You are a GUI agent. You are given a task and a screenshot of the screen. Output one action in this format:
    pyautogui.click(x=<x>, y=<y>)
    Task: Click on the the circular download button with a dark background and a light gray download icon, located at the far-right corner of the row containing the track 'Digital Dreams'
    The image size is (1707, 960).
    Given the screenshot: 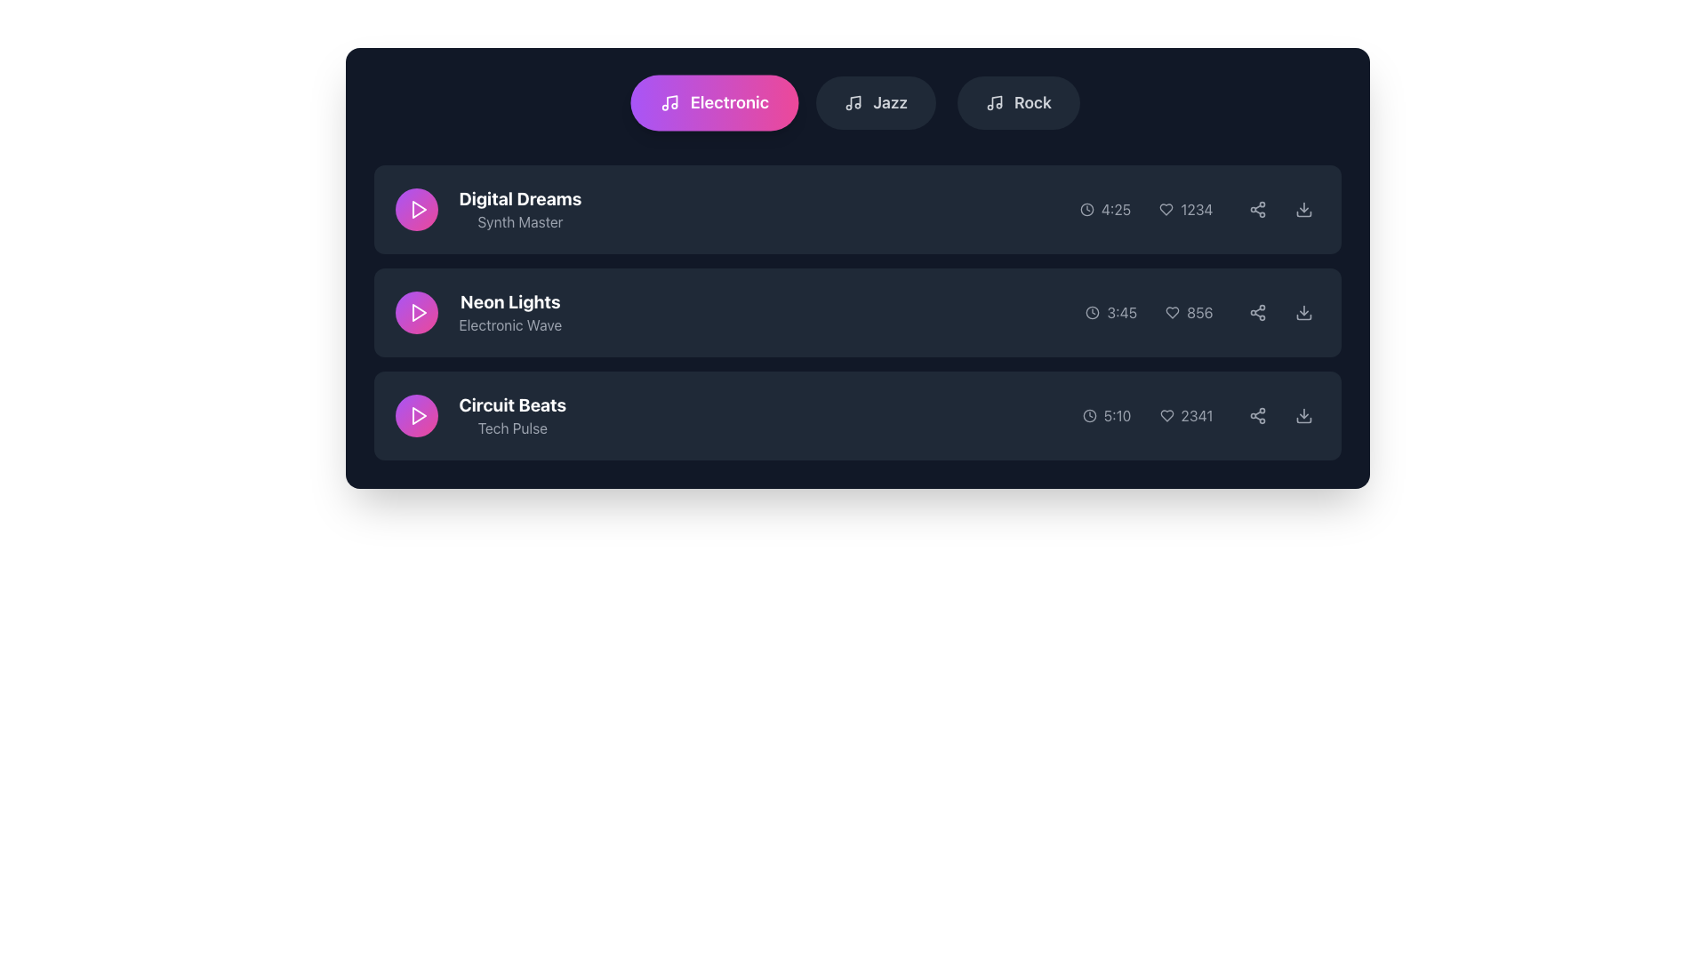 What is the action you would take?
    pyautogui.click(x=1303, y=208)
    